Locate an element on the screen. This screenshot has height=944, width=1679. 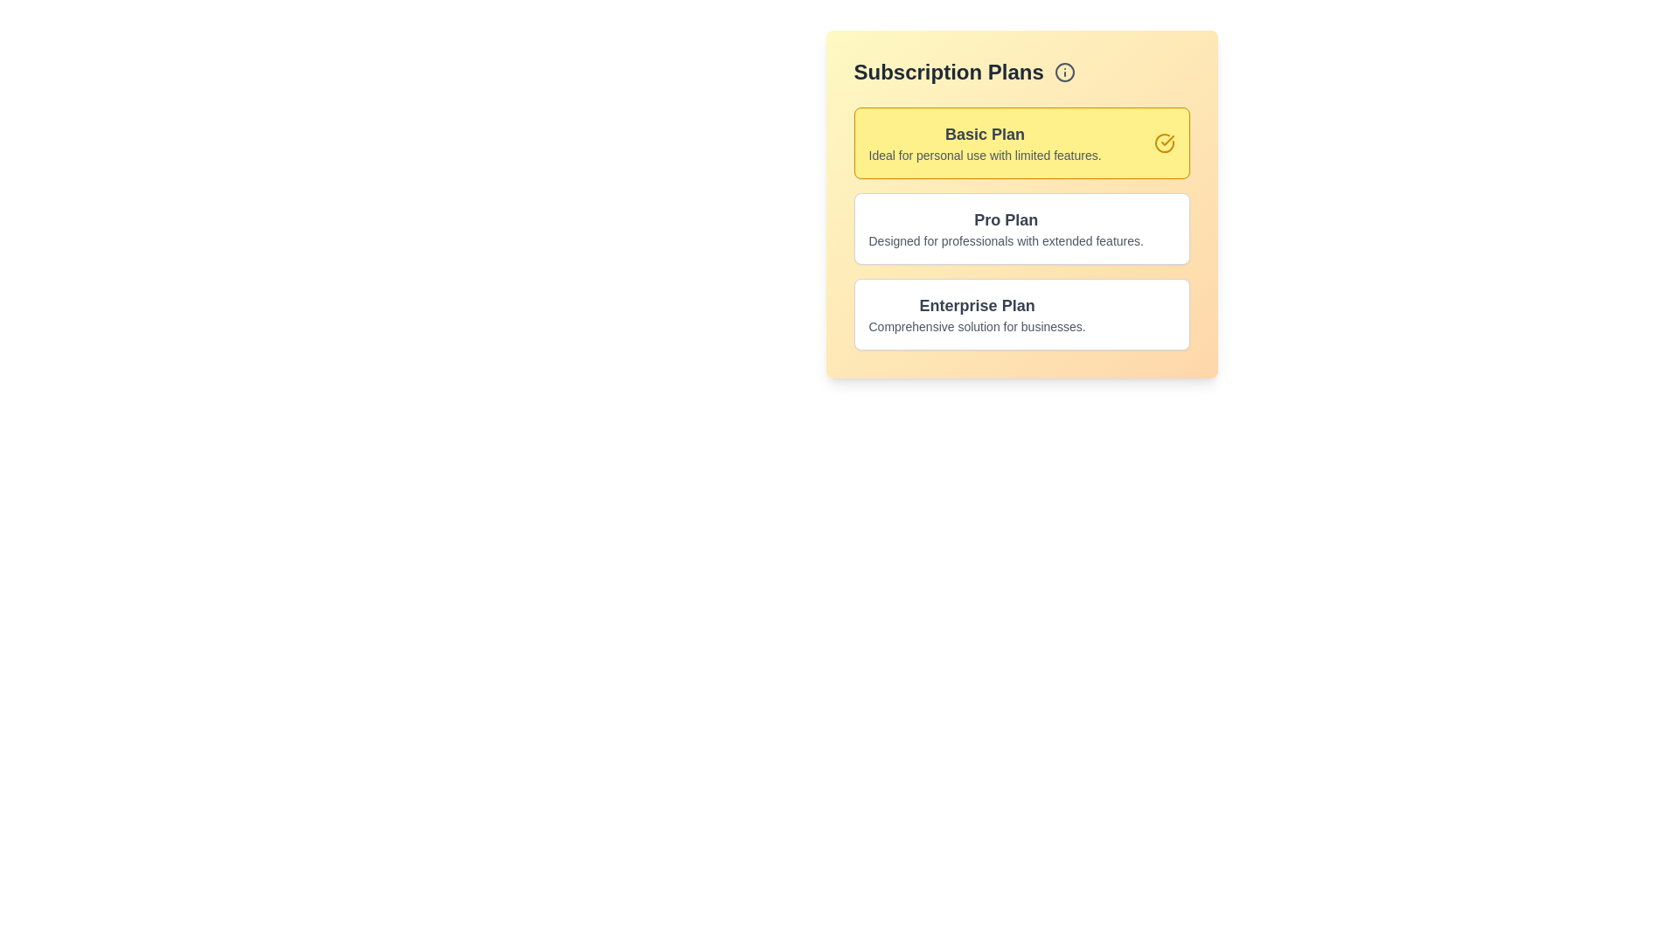
the header text element located at the top-left corner of the subscription card to interact with nearby elements is located at coordinates (947, 72).